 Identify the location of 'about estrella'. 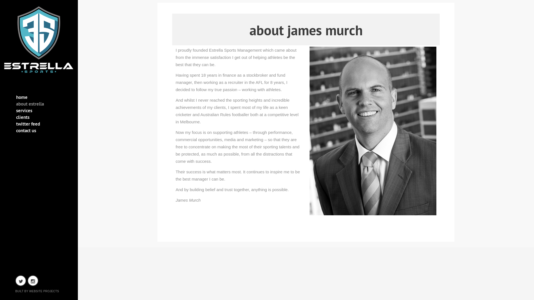
(16, 105).